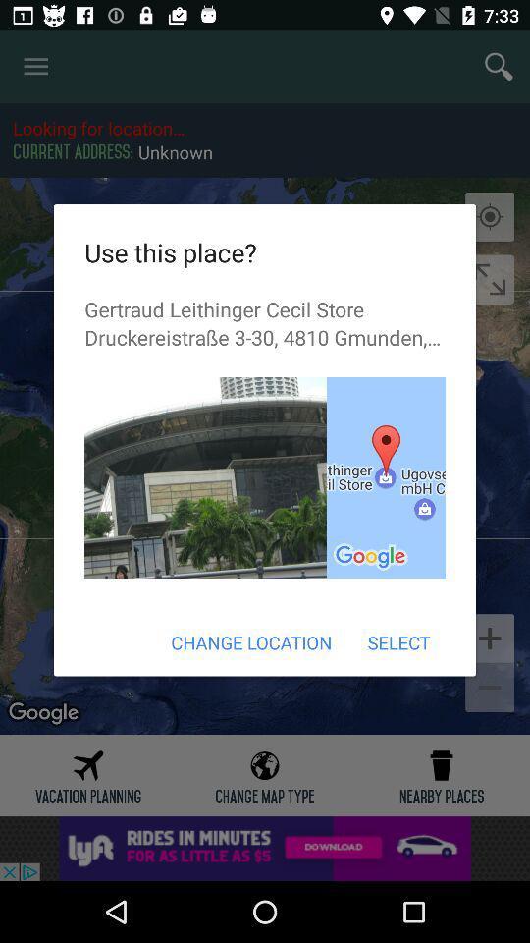 The height and width of the screenshot is (943, 530). What do you see at coordinates (251, 641) in the screenshot?
I see `the item next to select item` at bounding box center [251, 641].